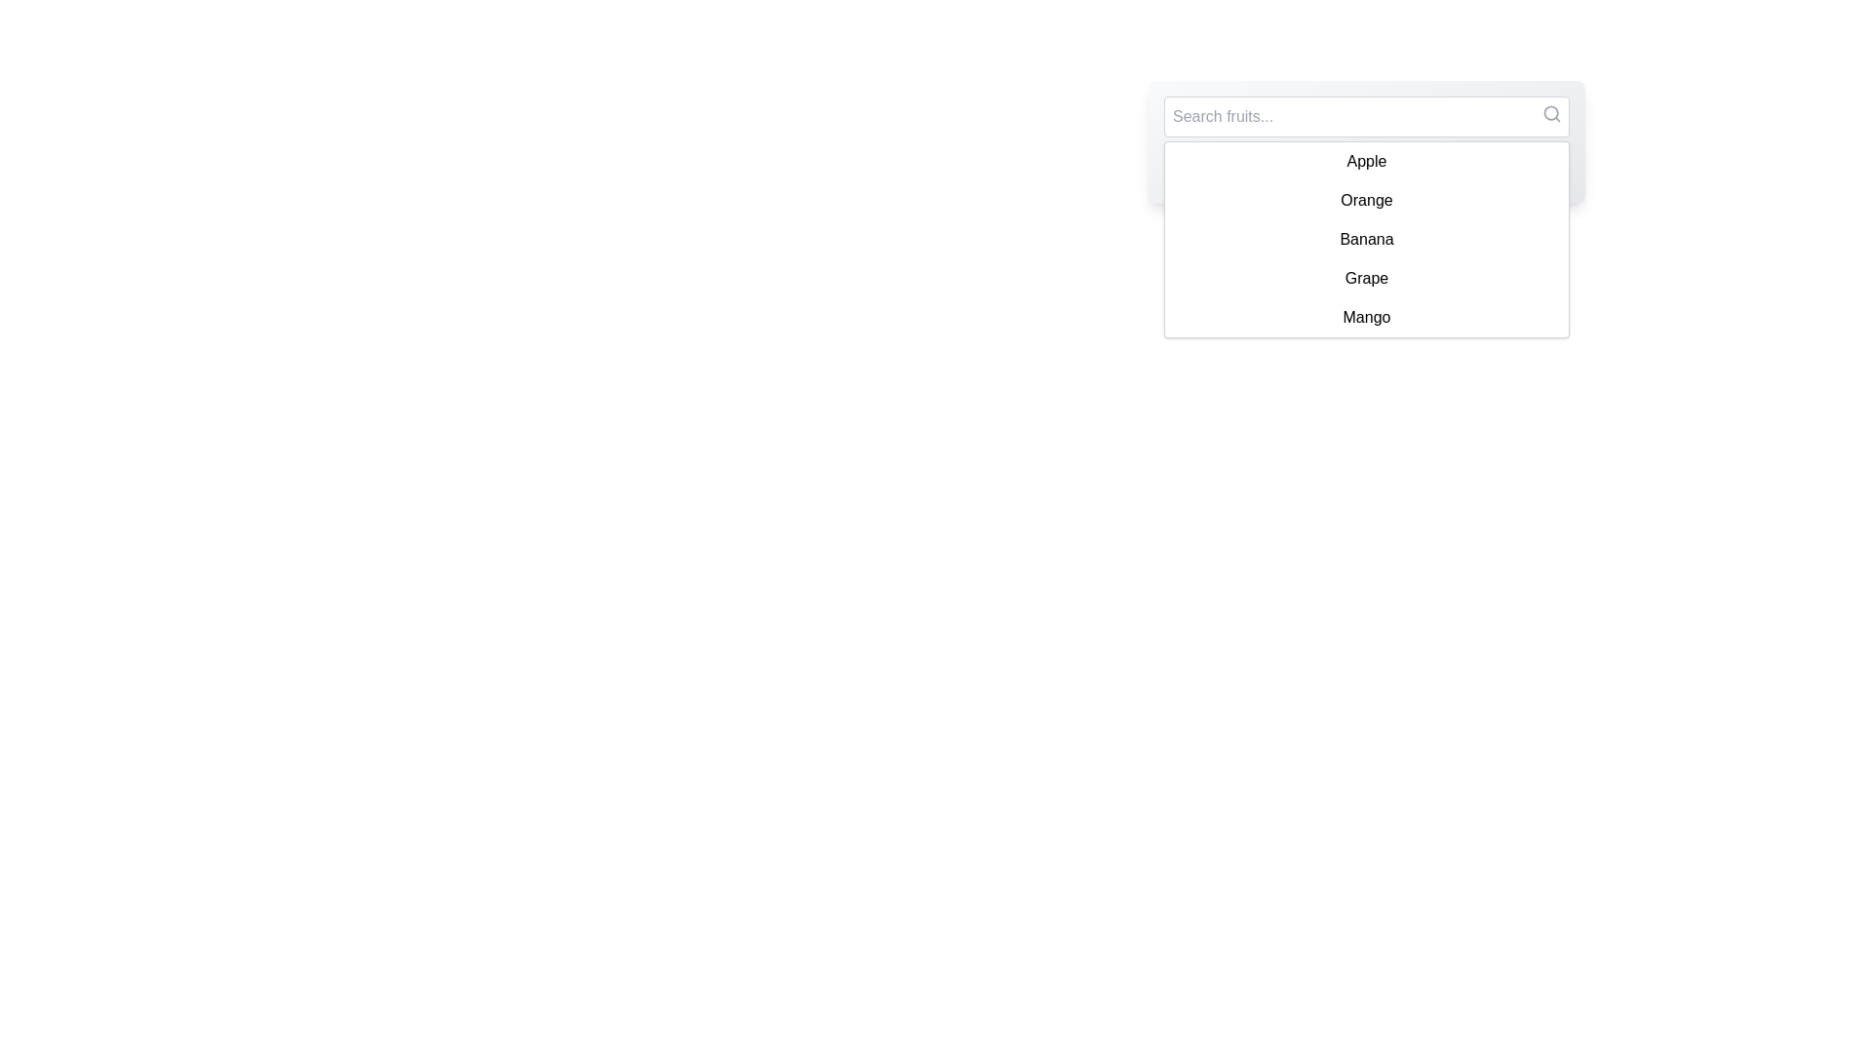  What do you see at coordinates (1365, 160) in the screenshot?
I see `the dropdown list item displaying 'Apple' to trigger its hover effect` at bounding box center [1365, 160].